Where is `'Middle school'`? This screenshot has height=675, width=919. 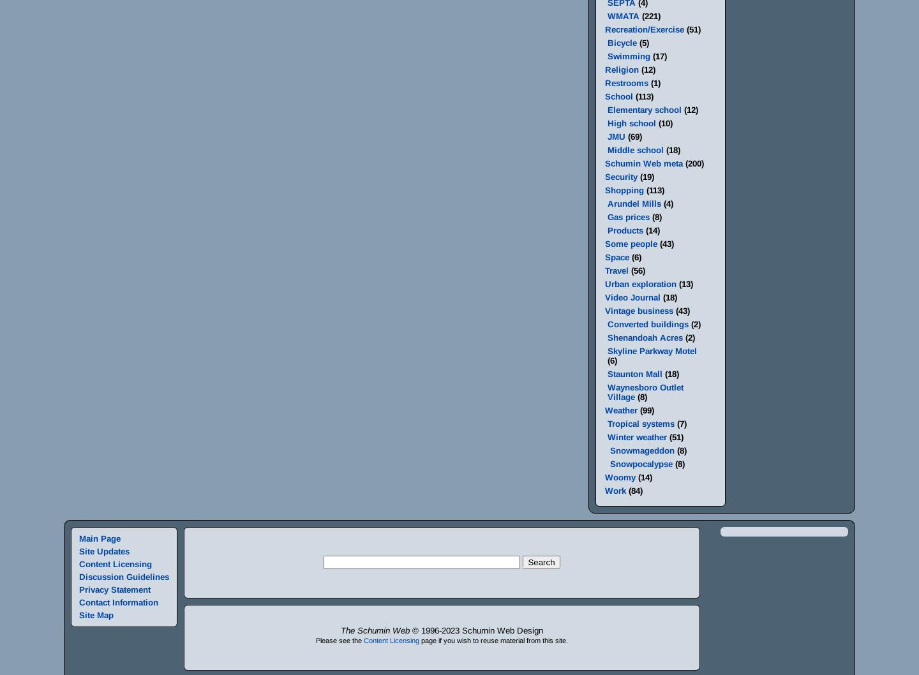
'Middle school' is located at coordinates (607, 150).